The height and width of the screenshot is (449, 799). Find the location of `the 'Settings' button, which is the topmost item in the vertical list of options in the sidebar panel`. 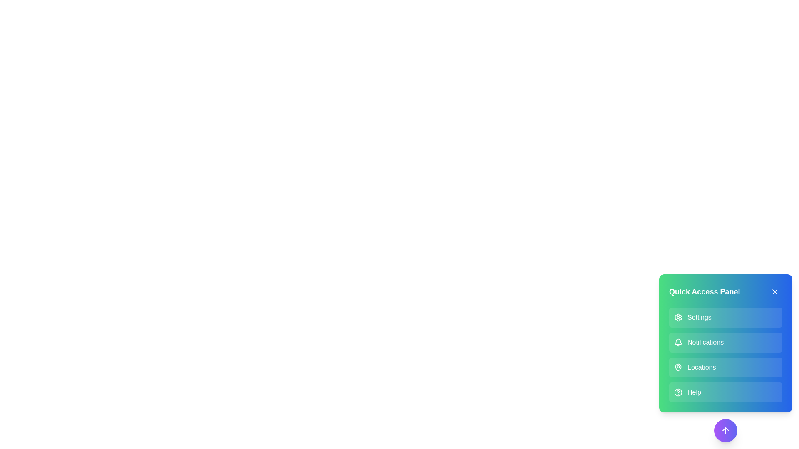

the 'Settings' button, which is the topmost item in the vertical list of options in the sidebar panel is located at coordinates (725, 317).